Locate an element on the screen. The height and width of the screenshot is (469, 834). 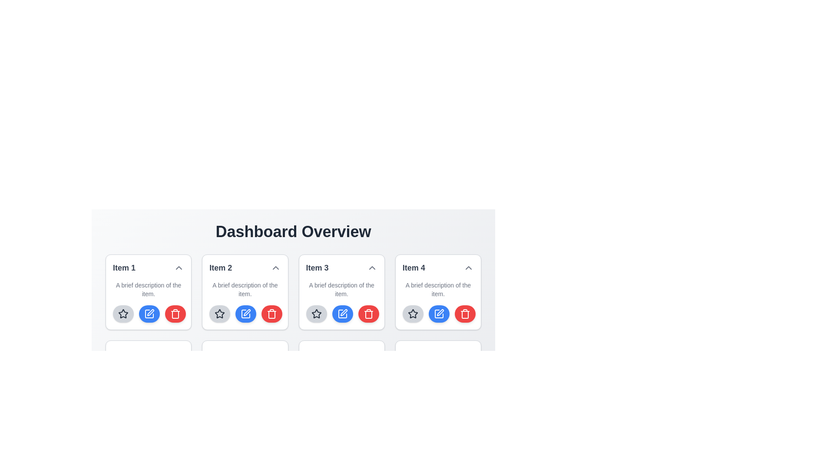
text content of the element labeled 'A brief description of the item.' located beneath the title 'Item 3' in the third card of the layout is located at coordinates (341, 290).